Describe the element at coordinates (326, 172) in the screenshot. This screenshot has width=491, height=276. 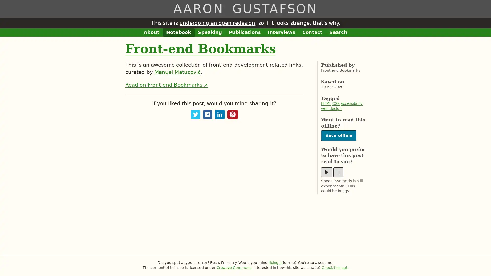
I see `Play` at that location.